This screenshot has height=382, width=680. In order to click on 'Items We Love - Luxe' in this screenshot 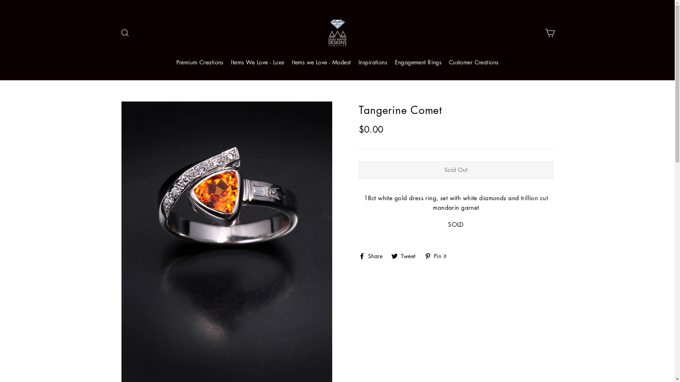, I will do `click(257, 62)`.